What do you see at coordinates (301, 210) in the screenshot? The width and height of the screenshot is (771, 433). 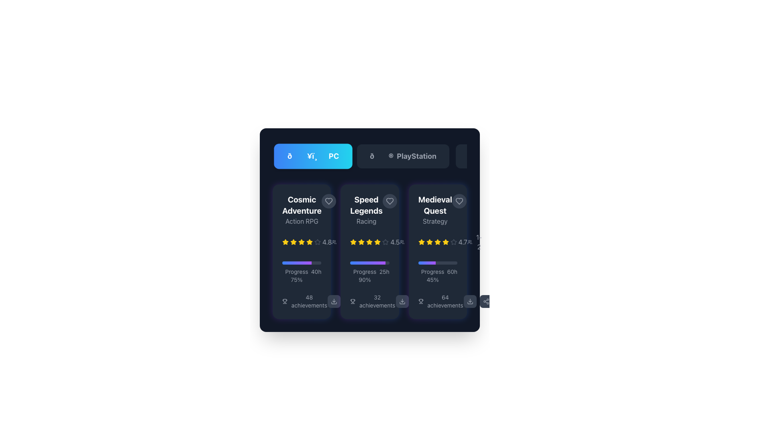 I see `static text label displaying 'Cosmic Adventure' as the game's name and 'Action RPG' as the genre, located at the top left card's title section in a grid of cards` at bounding box center [301, 210].